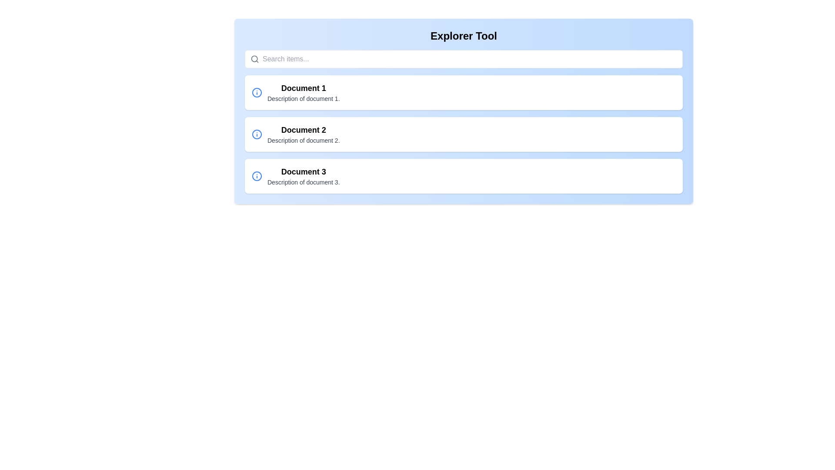 This screenshot has height=470, width=835. Describe the element at coordinates (304, 176) in the screenshot. I see `the list item labeled 'Document 3'` at that location.